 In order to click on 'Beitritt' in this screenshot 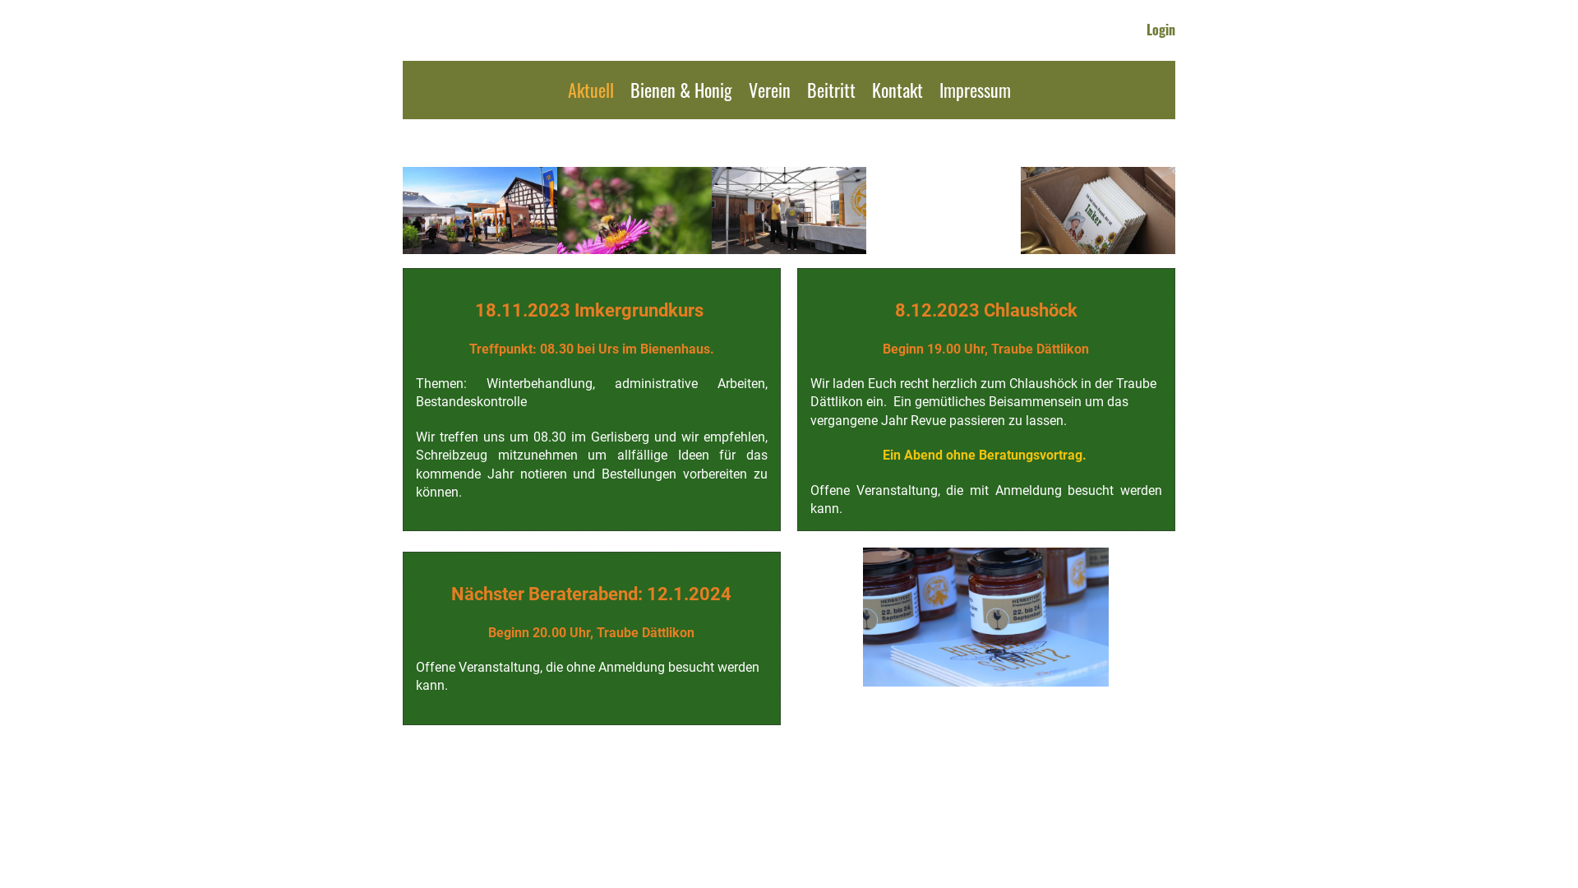, I will do `click(831, 90)`.